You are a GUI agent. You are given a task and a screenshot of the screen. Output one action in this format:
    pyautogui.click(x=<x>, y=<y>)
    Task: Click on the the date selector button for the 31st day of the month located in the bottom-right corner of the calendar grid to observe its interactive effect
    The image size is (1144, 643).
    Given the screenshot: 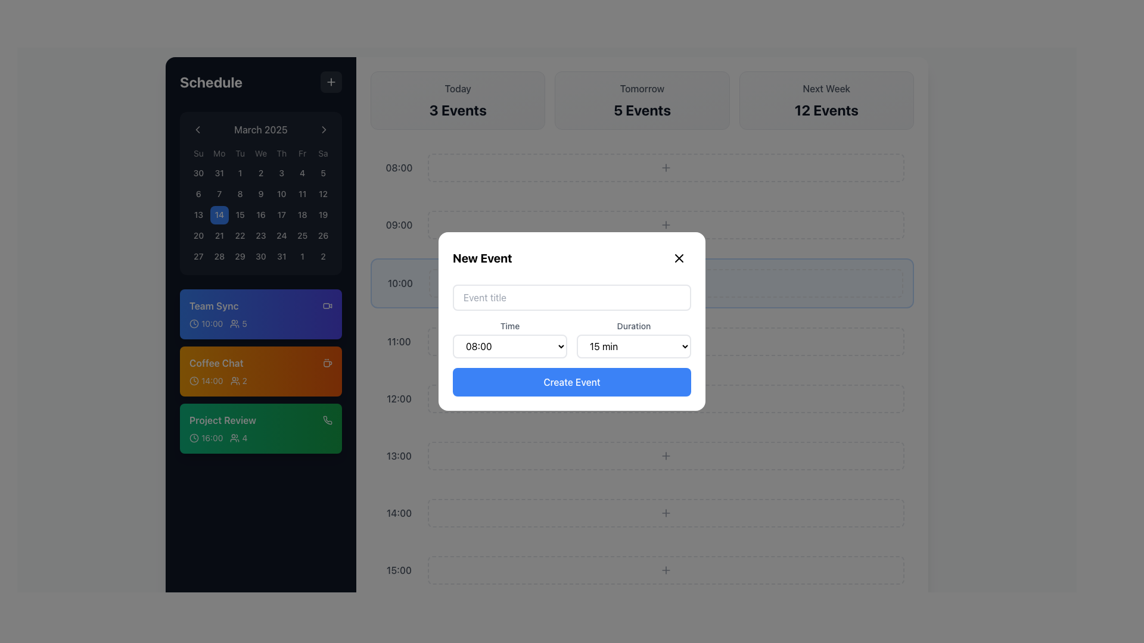 What is the action you would take?
    pyautogui.click(x=281, y=255)
    